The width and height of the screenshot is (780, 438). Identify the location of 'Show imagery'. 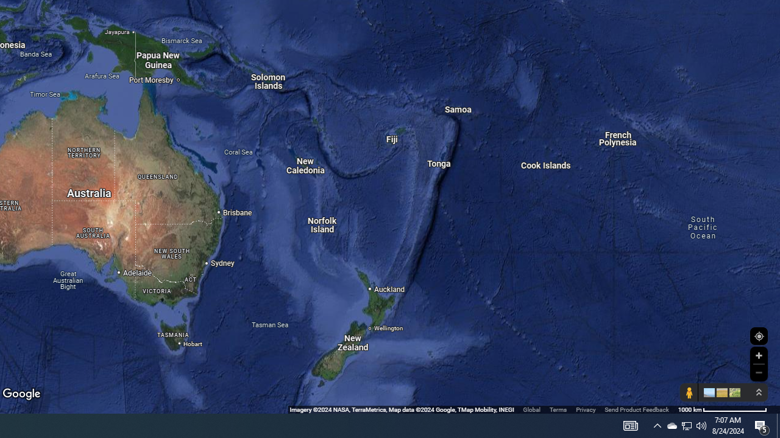
(732, 392).